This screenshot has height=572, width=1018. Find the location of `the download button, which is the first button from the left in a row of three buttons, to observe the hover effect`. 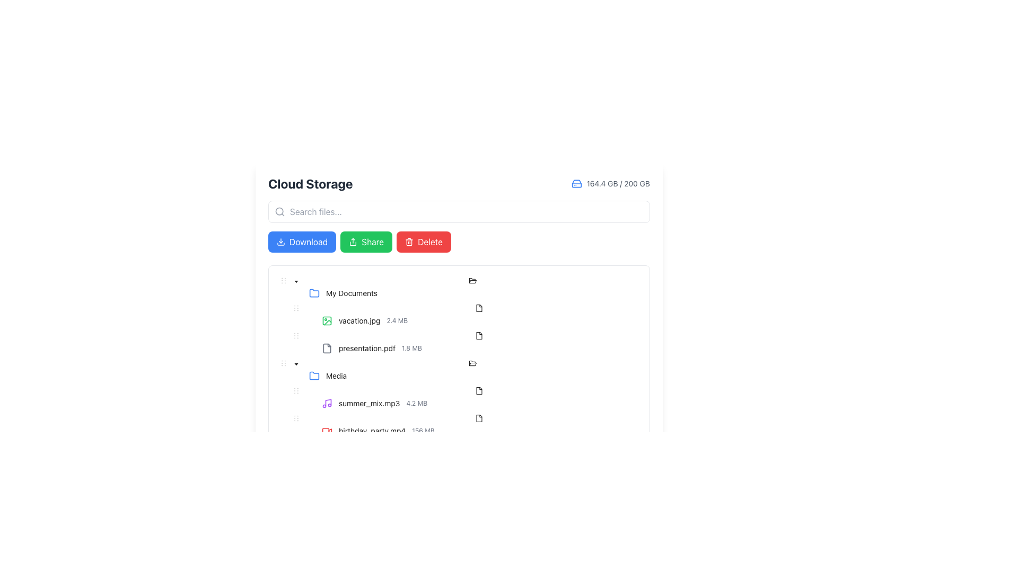

the download button, which is the first button from the left in a row of three buttons, to observe the hover effect is located at coordinates (302, 242).